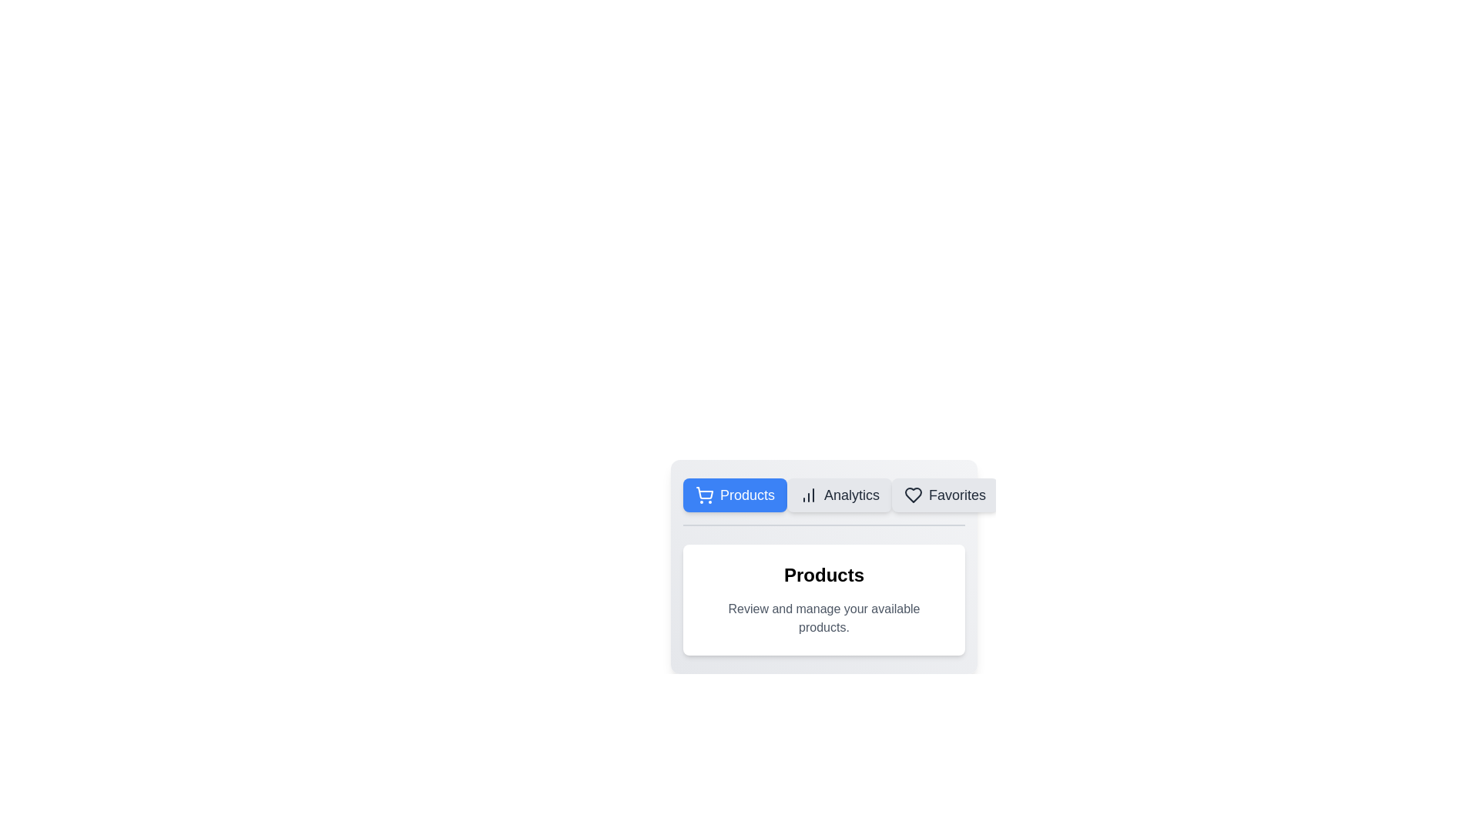  I want to click on the heart-shaped icon with a hollow design located within the 'Favorites' button in the navigation bar, so click(913, 495).